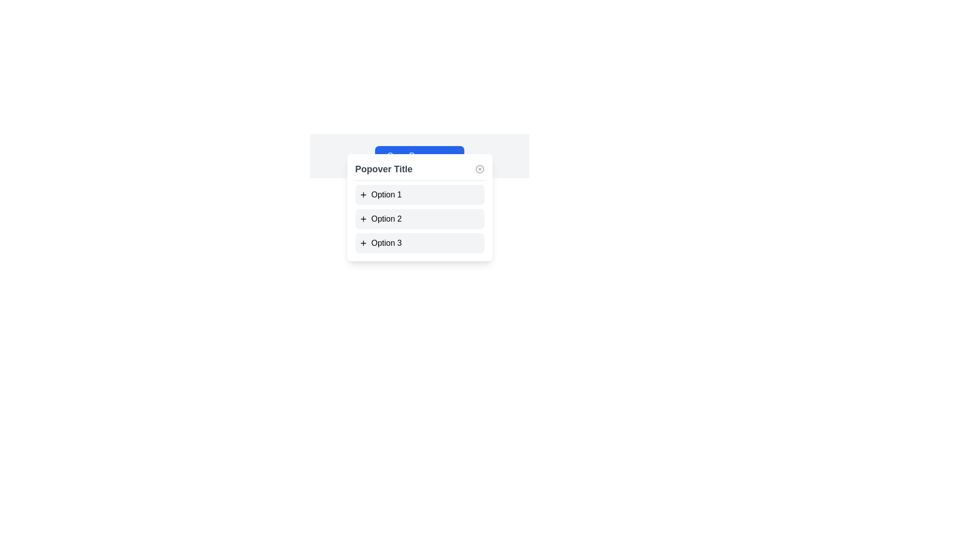  I want to click on the icon that symbolizes an add or expand action, located to the left of the text 'Option 1' under the heading 'Popover Title', so click(363, 194).